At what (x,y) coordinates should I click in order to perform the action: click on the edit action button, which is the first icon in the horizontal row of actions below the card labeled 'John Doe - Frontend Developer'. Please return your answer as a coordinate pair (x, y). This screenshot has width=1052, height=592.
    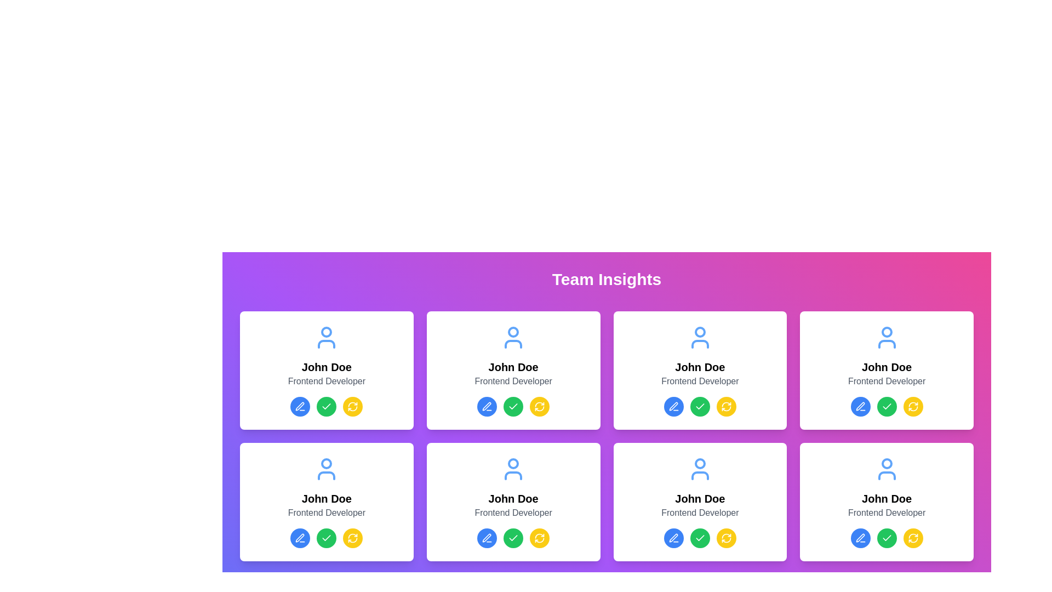
    Looking at the image, I should click on (300, 406).